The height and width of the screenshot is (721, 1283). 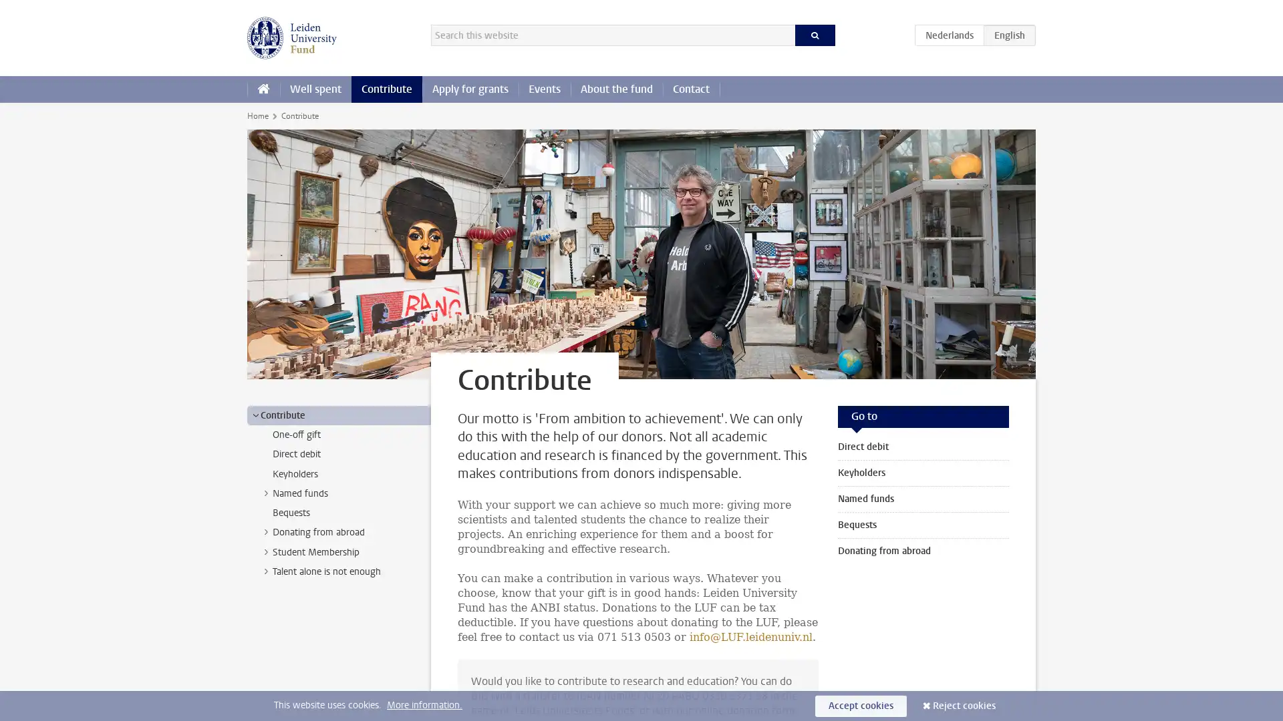 I want to click on Accept cookies, so click(x=861, y=705).